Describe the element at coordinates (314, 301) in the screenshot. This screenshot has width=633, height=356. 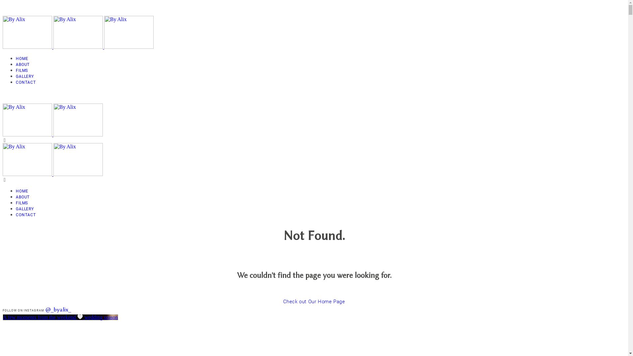
I see `'Check out Our Home Page'` at that location.